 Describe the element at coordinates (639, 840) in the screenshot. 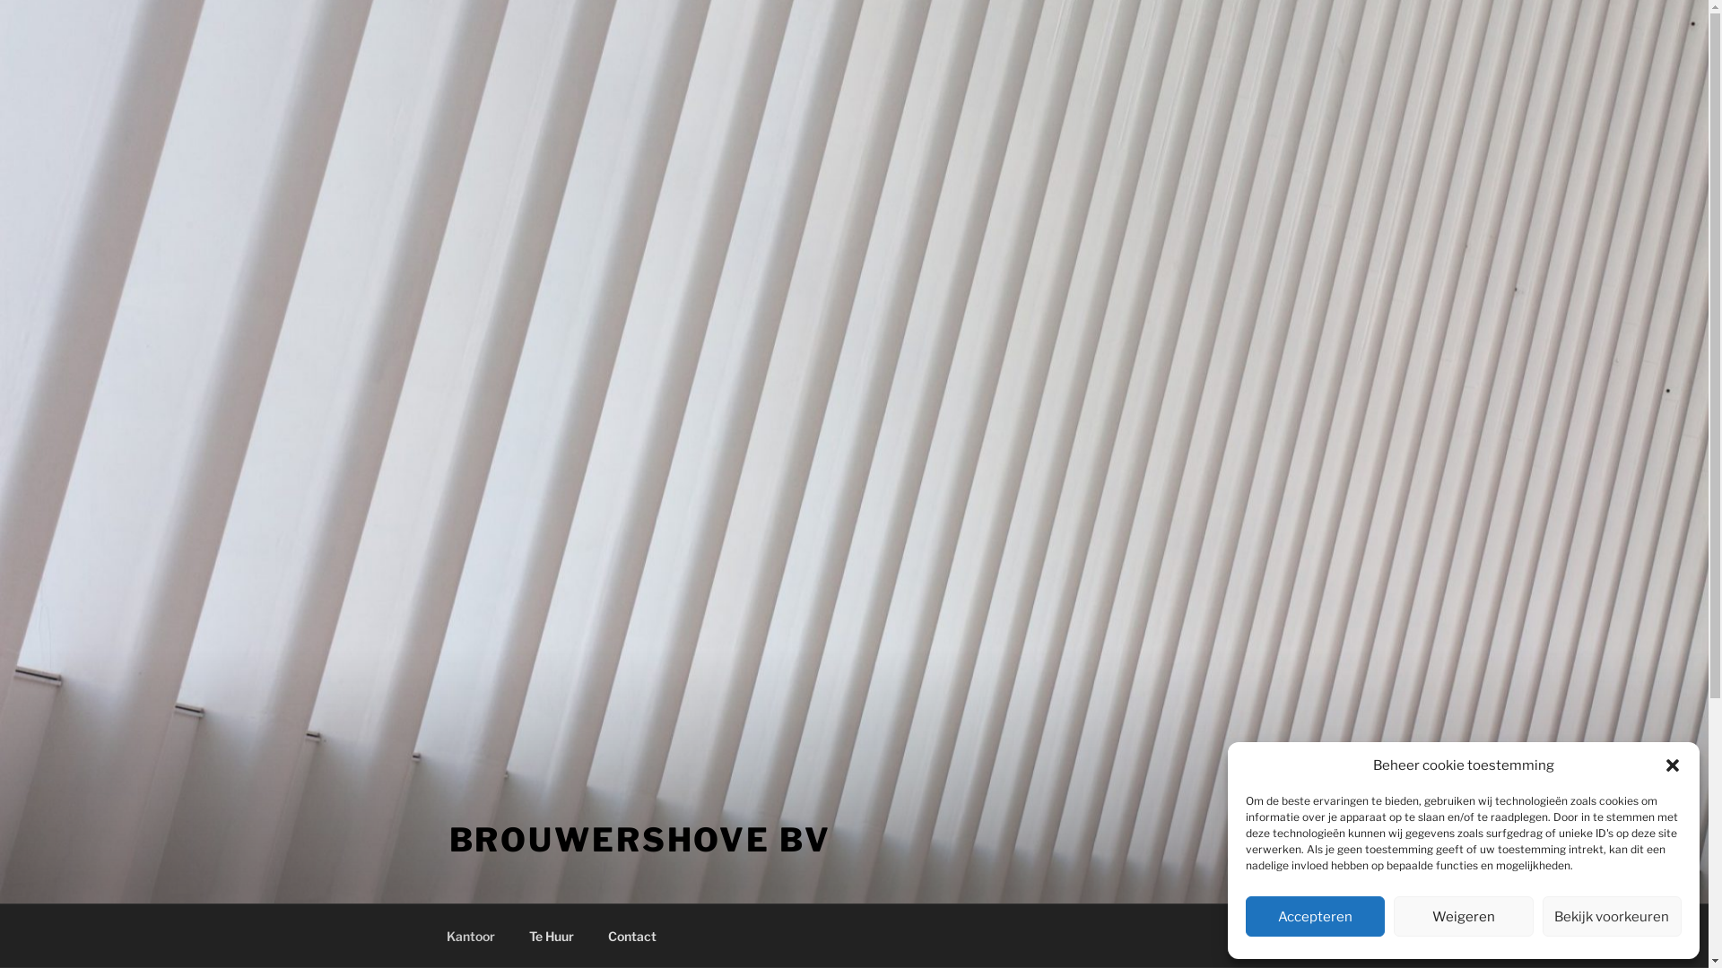

I see `'BROUWERSHOVE BV'` at that location.